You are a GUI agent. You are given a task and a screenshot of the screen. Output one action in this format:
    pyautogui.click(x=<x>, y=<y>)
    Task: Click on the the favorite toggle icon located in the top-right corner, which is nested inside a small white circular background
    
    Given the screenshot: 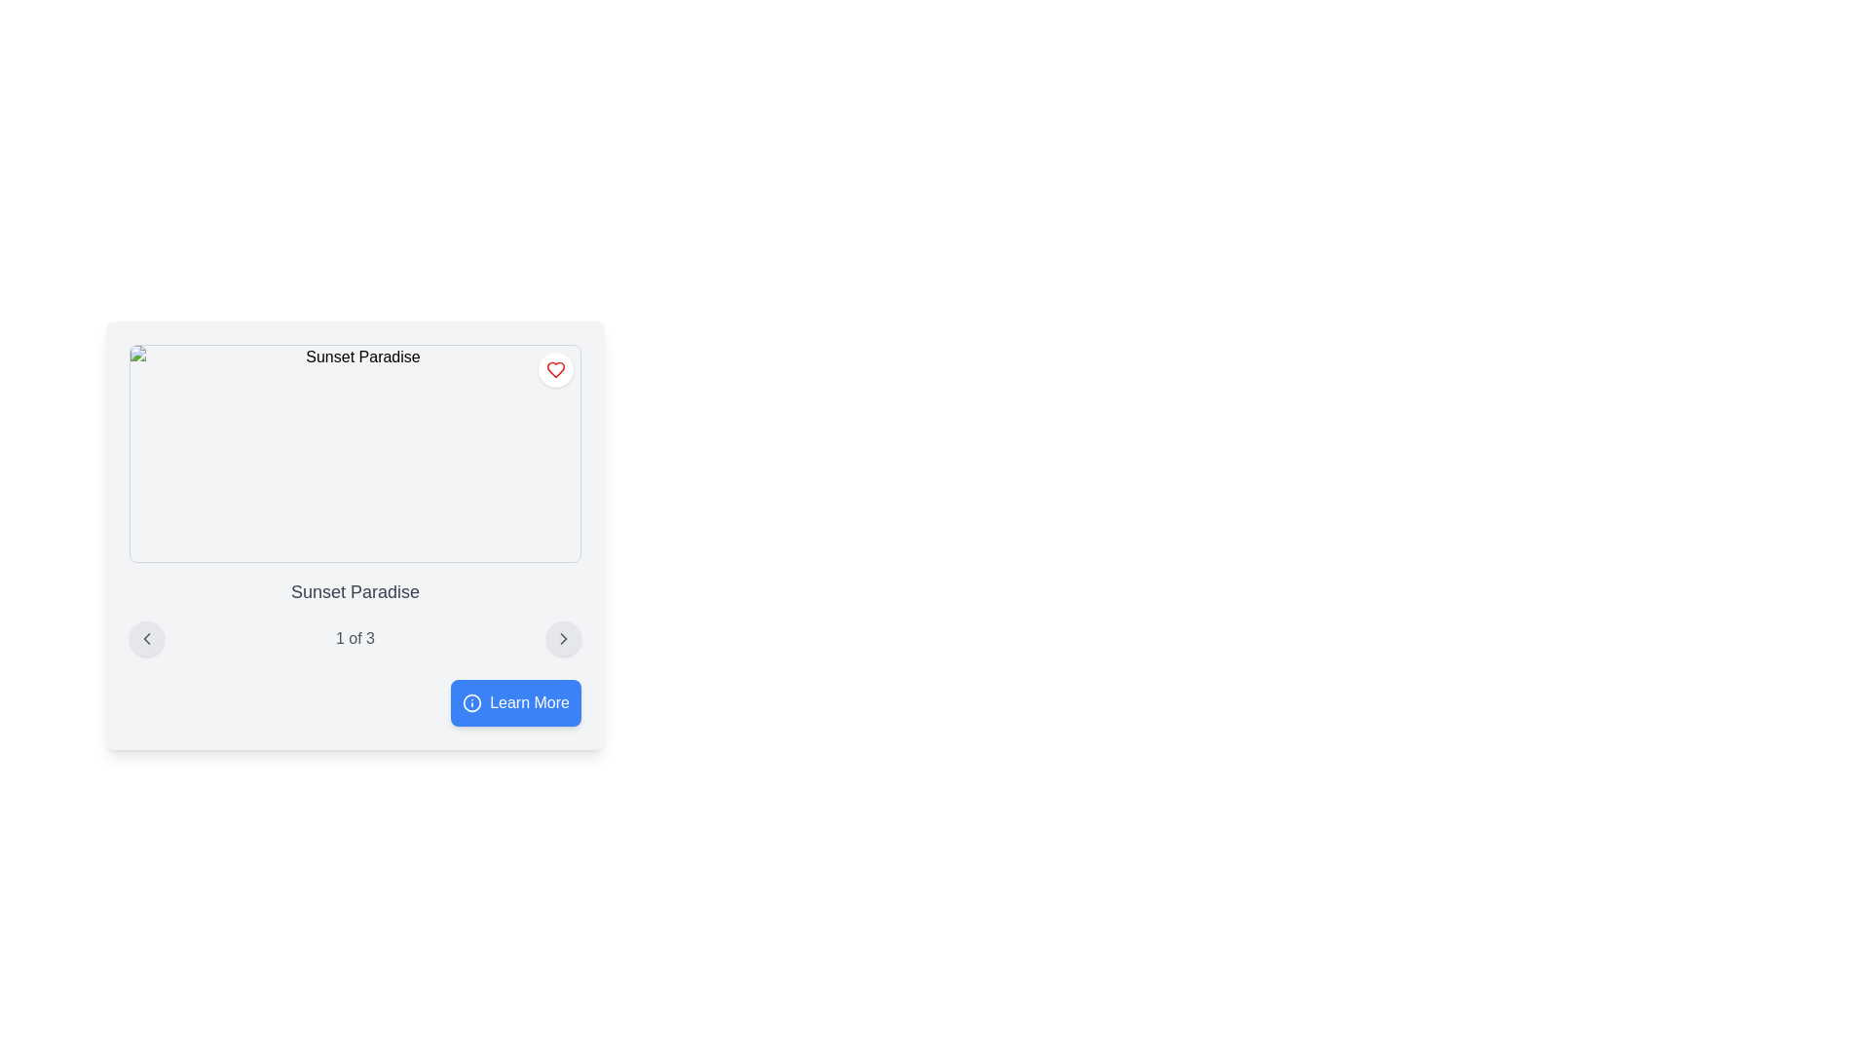 What is the action you would take?
    pyautogui.click(x=555, y=370)
    